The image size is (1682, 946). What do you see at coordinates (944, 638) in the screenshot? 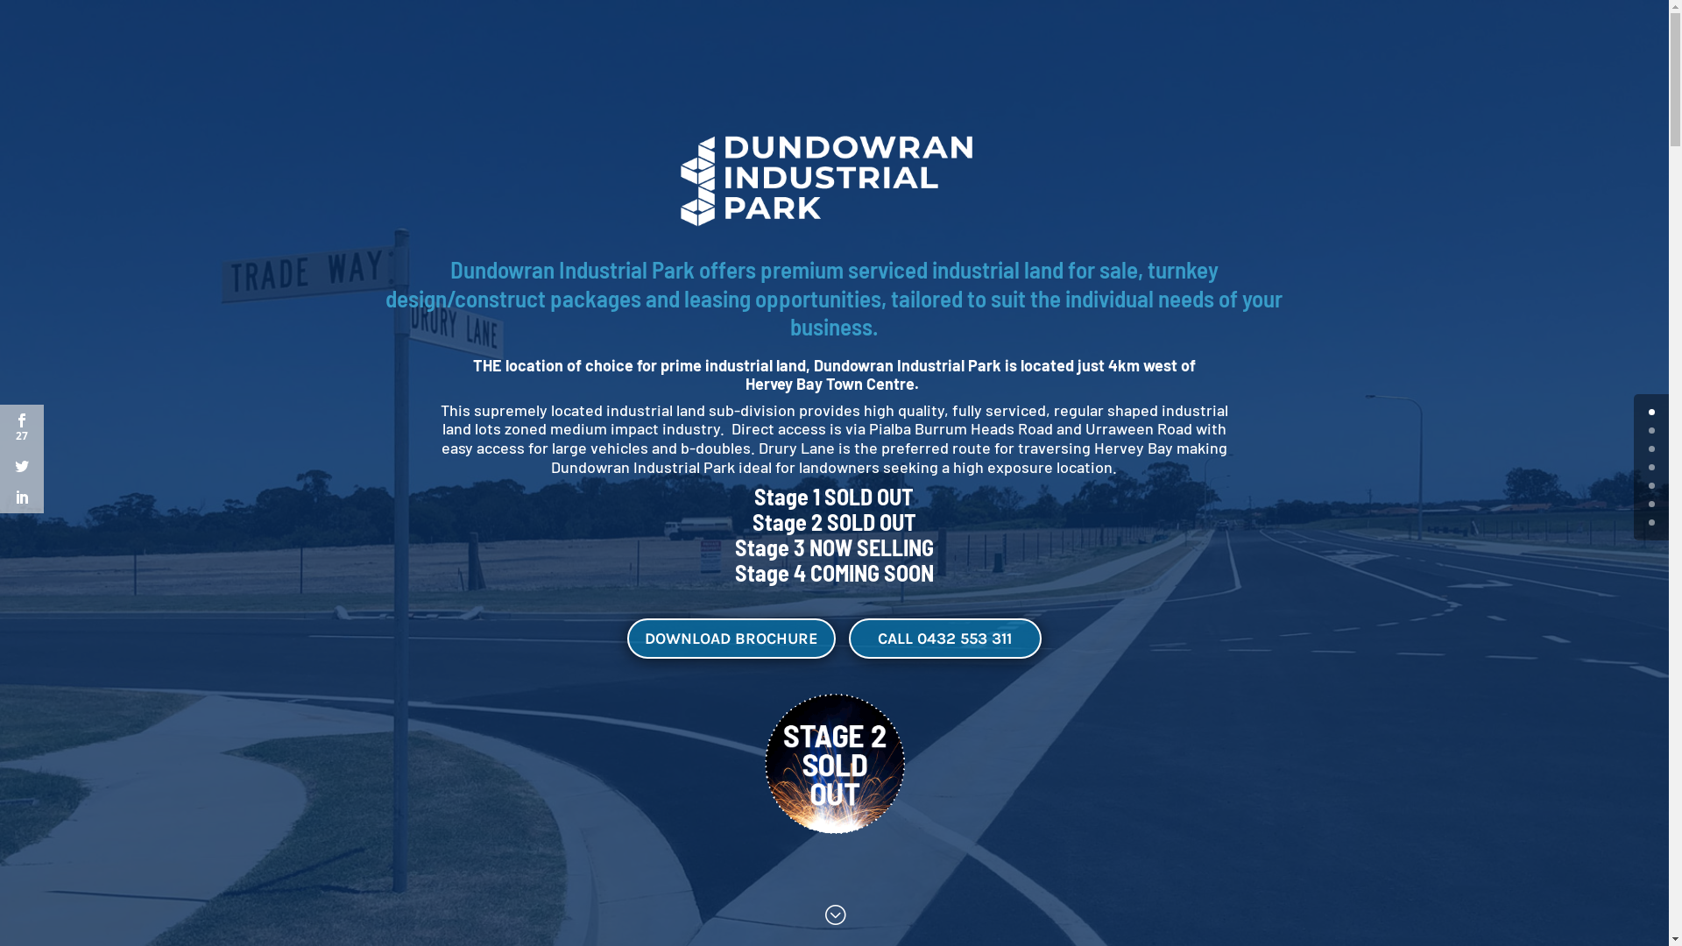
I see `'CALL 0432 553 311'` at bounding box center [944, 638].